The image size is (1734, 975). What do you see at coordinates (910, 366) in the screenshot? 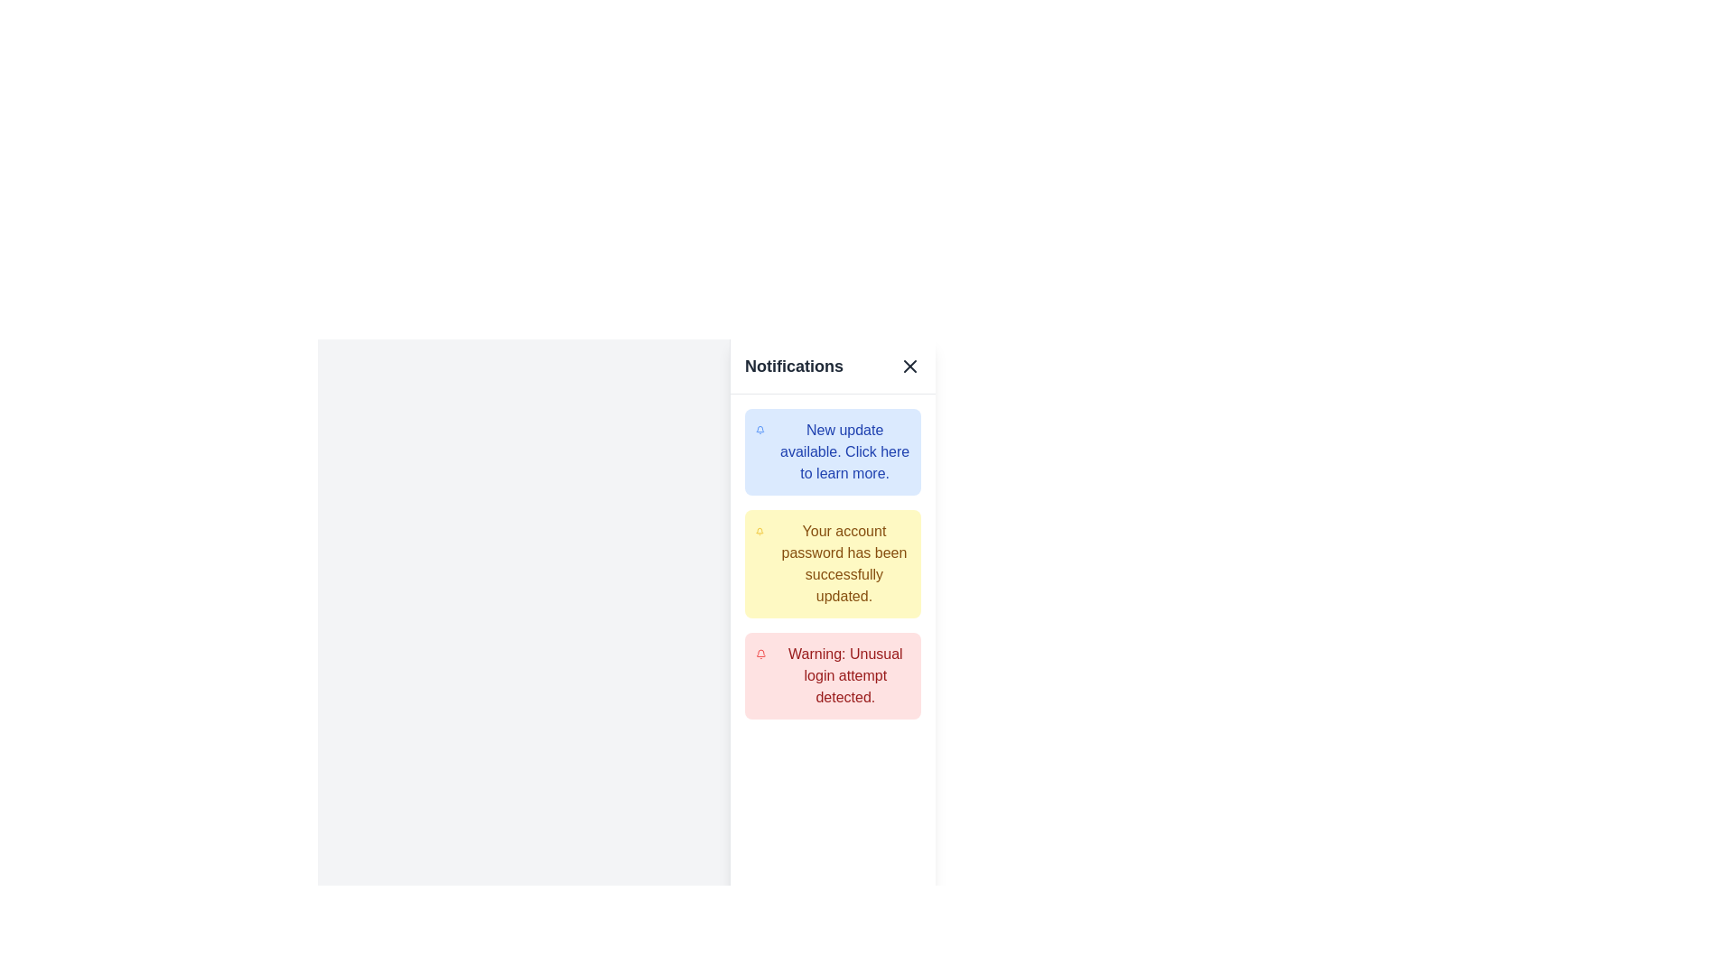
I see `the close icon button located at the top-right corner of the 'Notifications' header` at bounding box center [910, 366].